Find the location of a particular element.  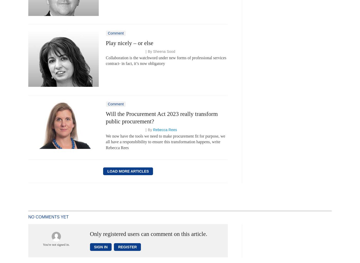

'Register' is located at coordinates (118, 247).